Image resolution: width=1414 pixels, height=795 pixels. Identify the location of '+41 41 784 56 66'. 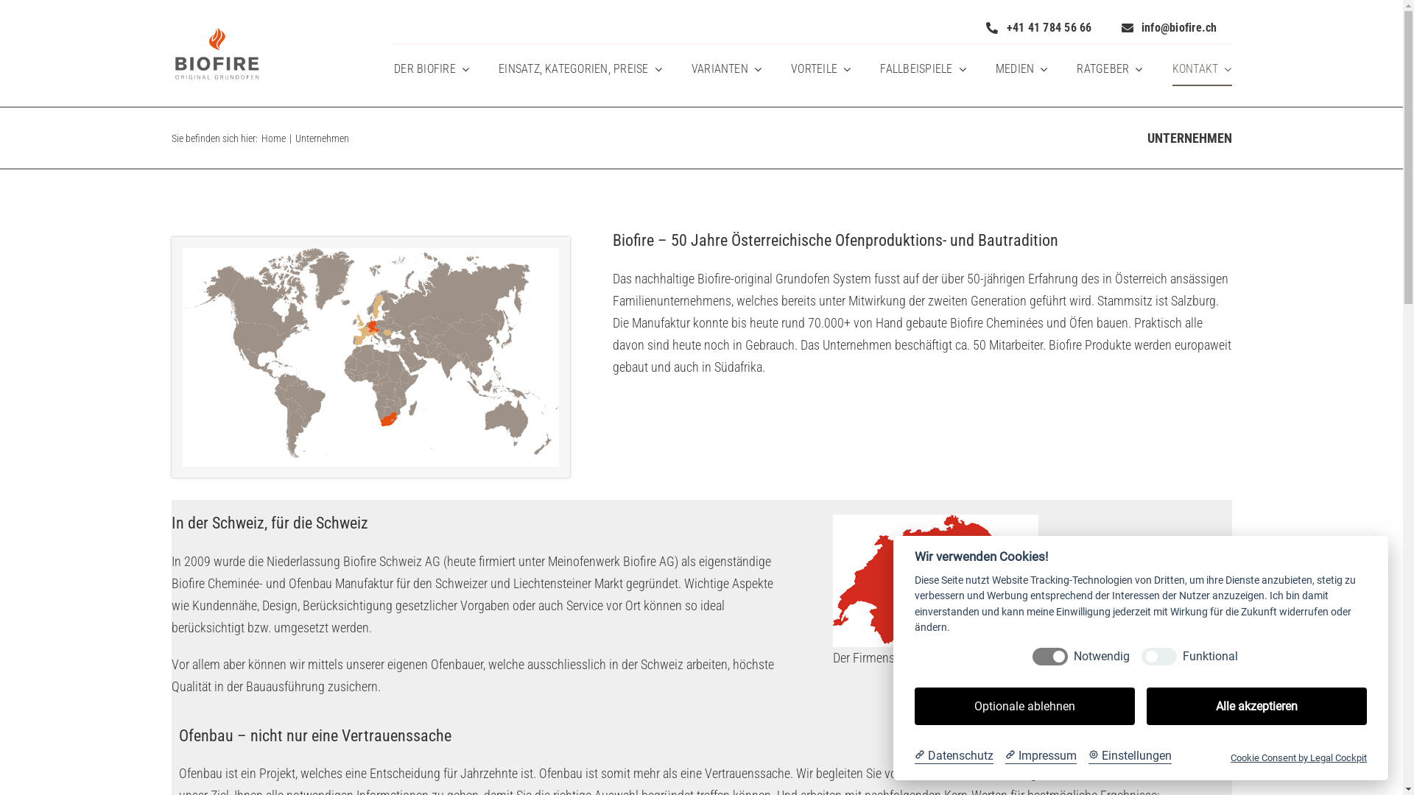
(1038, 27).